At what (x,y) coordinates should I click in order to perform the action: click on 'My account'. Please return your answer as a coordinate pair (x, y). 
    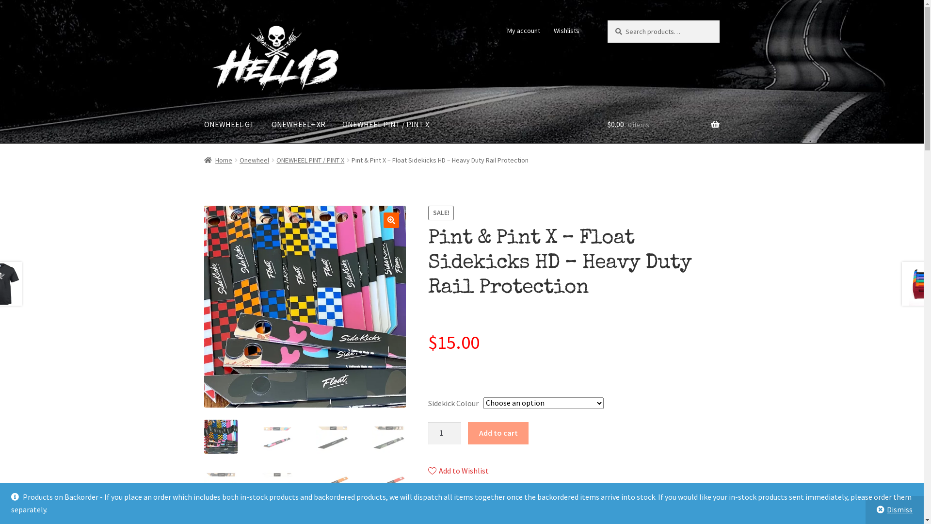
    Looking at the image, I should click on (501, 30).